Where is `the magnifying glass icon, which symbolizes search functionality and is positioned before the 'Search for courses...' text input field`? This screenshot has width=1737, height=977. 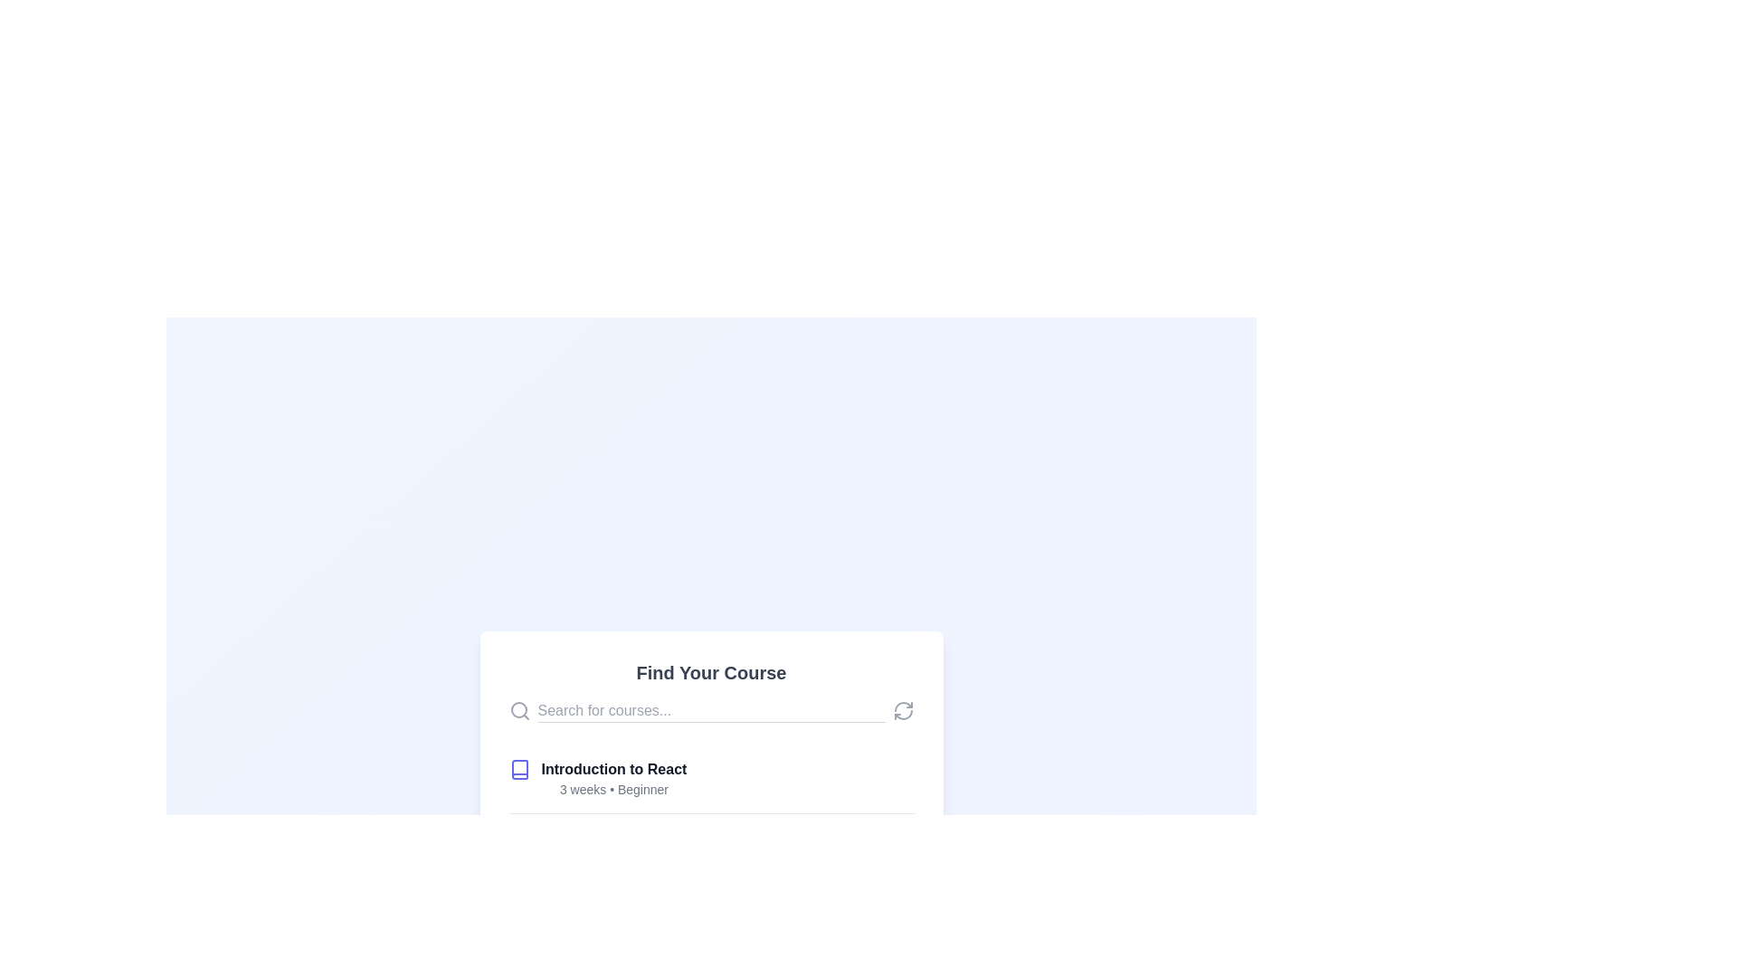
the magnifying glass icon, which symbolizes search functionality and is positioned before the 'Search for courses...' text input field is located at coordinates (518, 710).